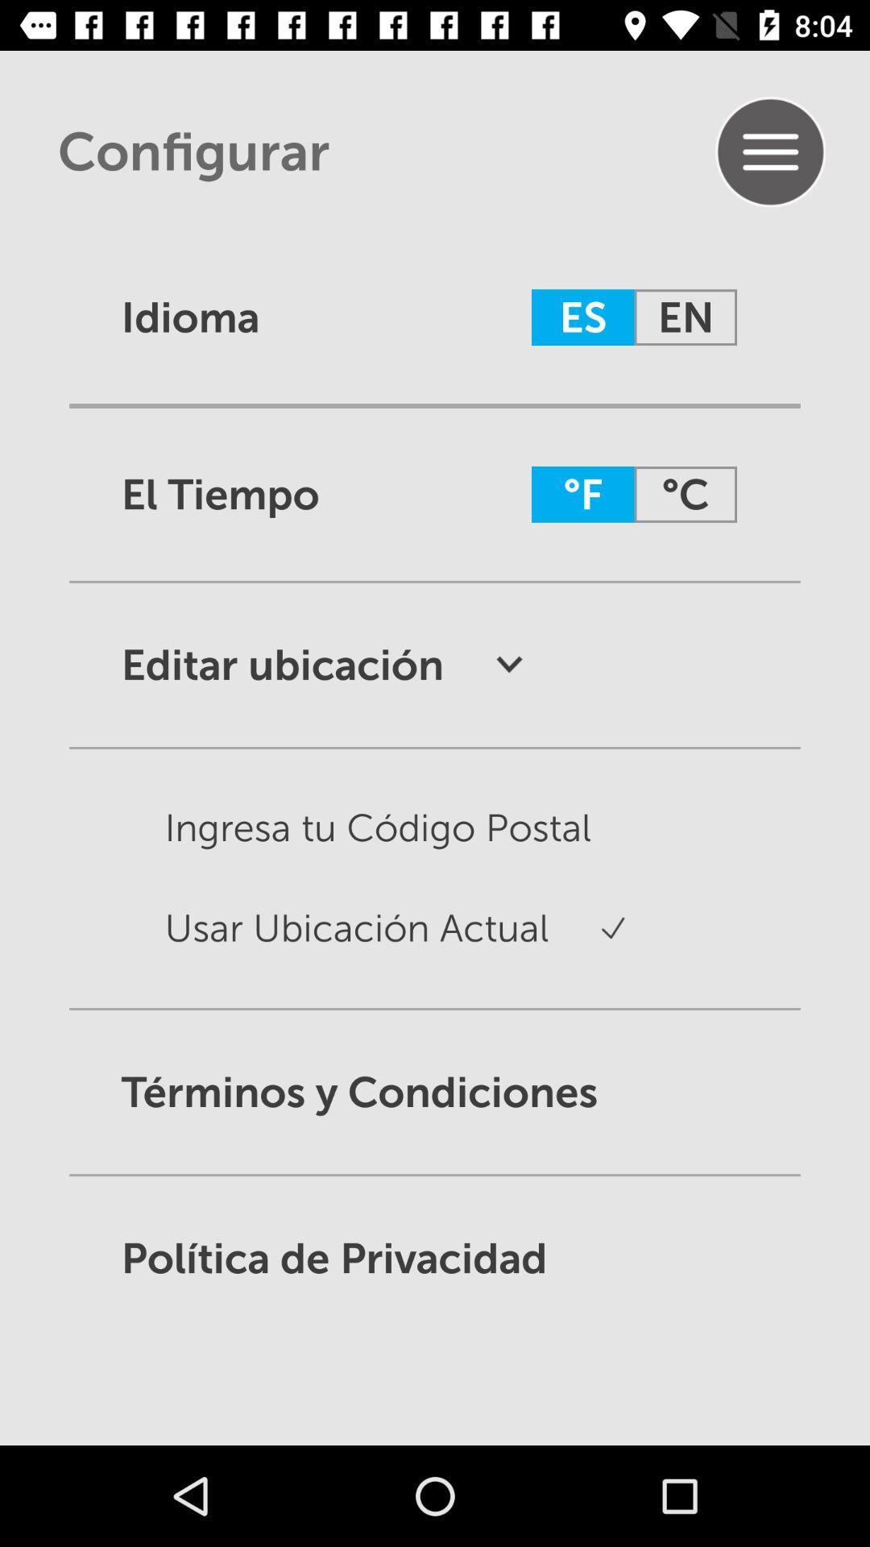 The width and height of the screenshot is (870, 1547). I want to click on the tick symbol beside usar abicacion actual, so click(587, 944).